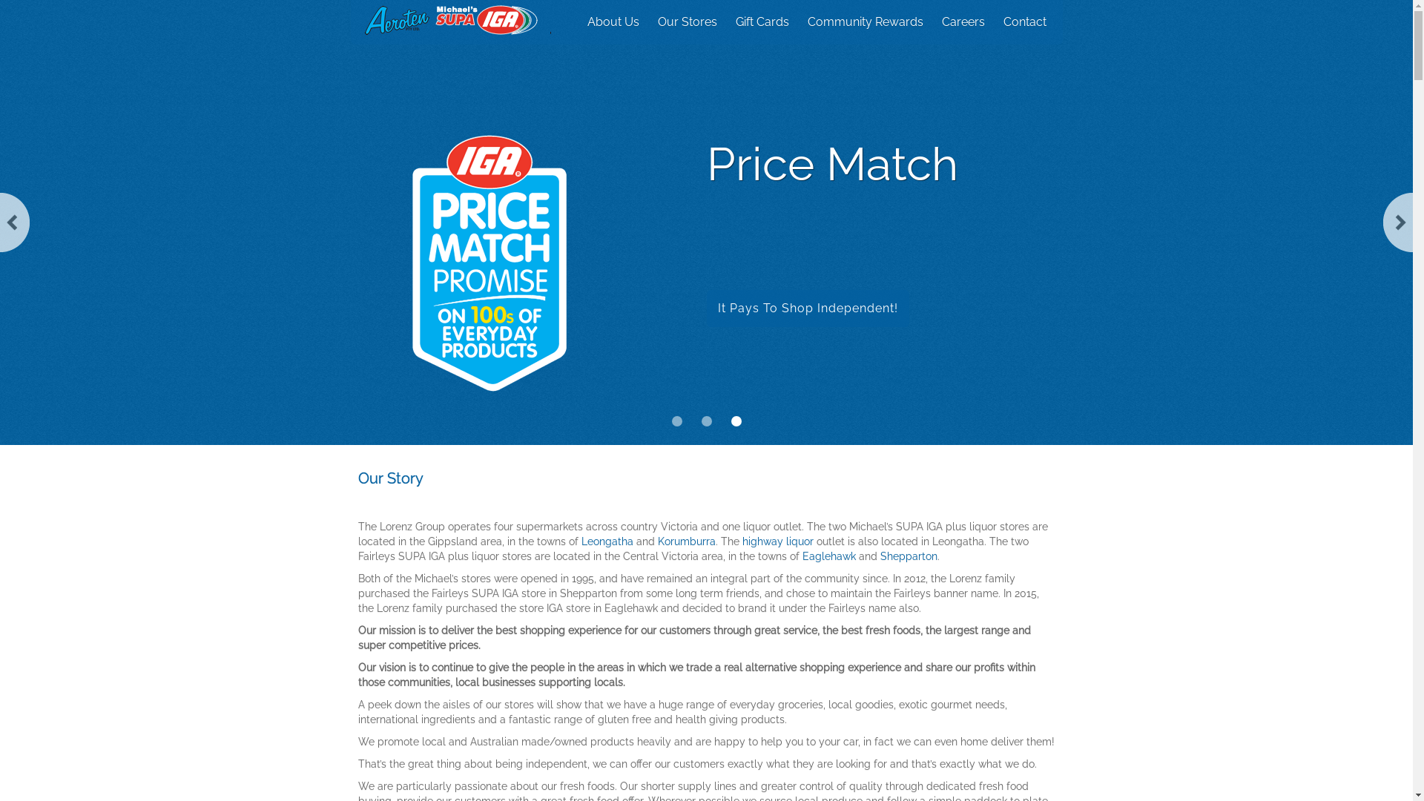 Image resolution: width=1424 pixels, height=801 pixels. What do you see at coordinates (762, 22) in the screenshot?
I see `'Gift Cards'` at bounding box center [762, 22].